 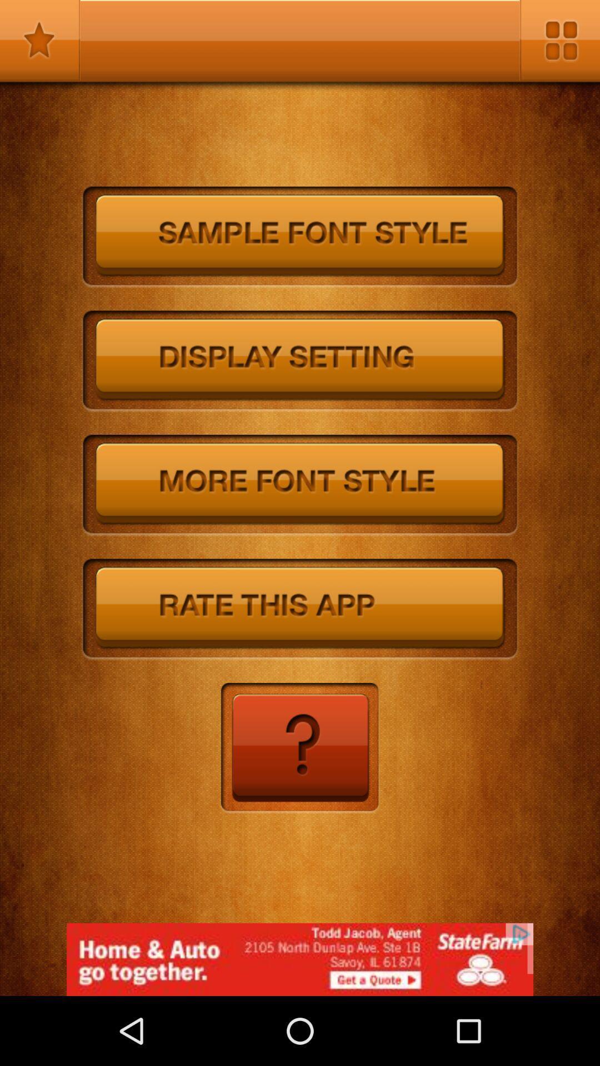 I want to click on the sample font style, so click(x=300, y=237).